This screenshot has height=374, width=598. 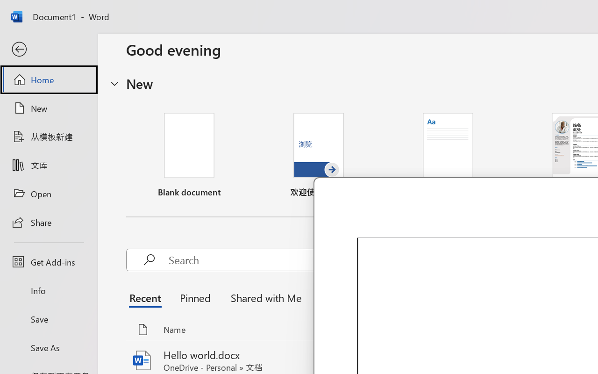 I want to click on 'Blank document', so click(x=189, y=155).